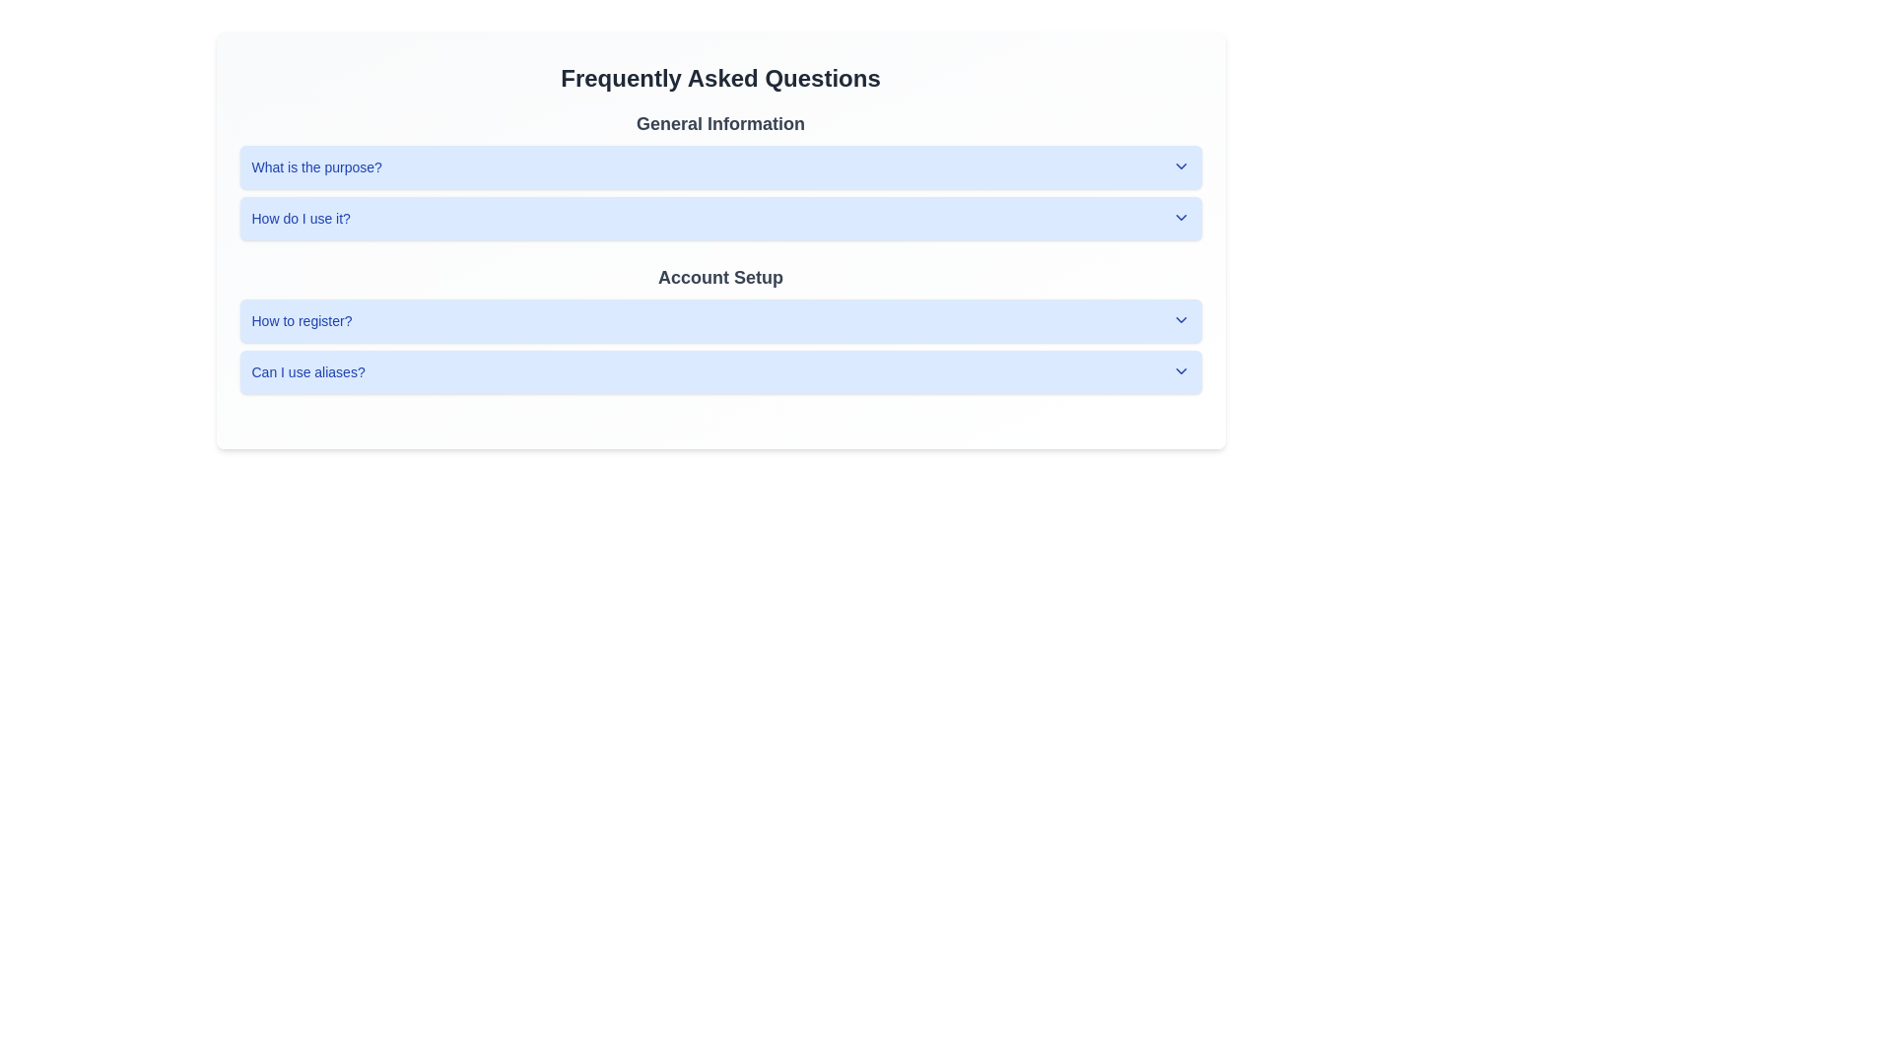 This screenshot has width=1892, height=1064. Describe the element at coordinates (307, 372) in the screenshot. I see `the text label displaying 'Can I use aliases?' which is bolded in blue font against a light blue background, located under the 'Account Setup' category and positioned to the left of an arrow icon` at that location.